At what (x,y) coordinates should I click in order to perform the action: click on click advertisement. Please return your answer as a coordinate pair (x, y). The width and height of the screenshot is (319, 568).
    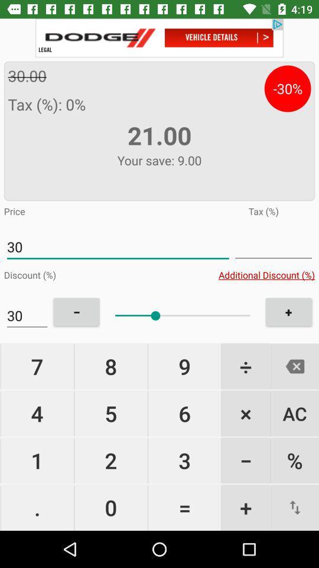
    Looking at the image, I should click on (159, 38).